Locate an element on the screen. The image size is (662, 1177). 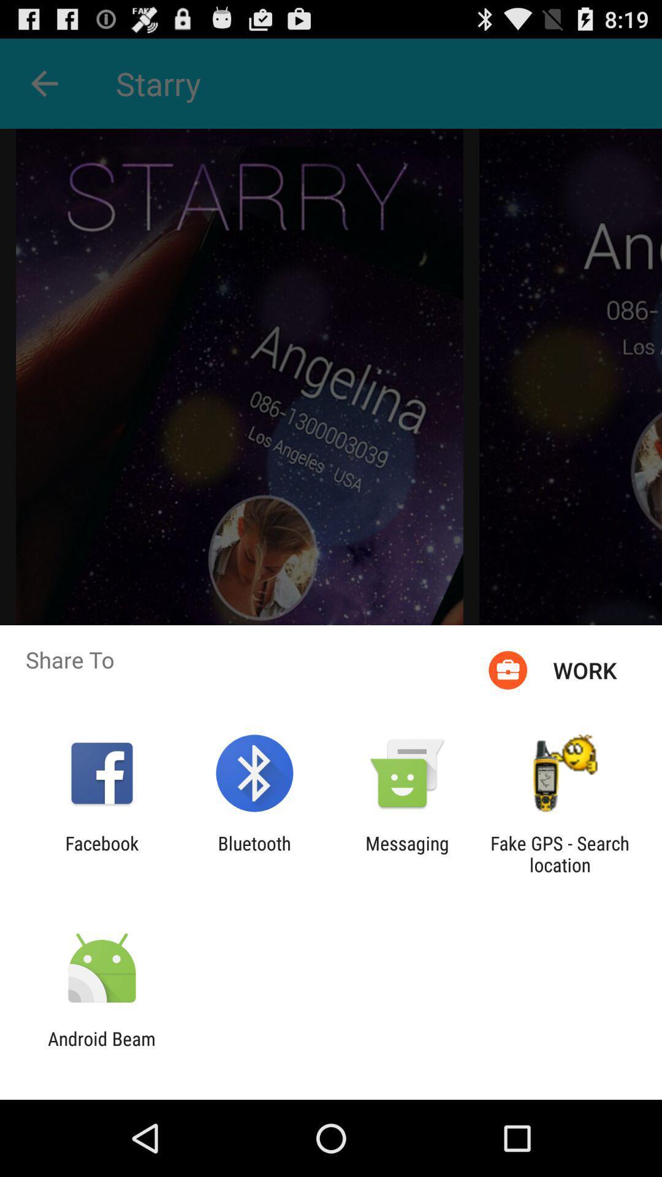
the item next to the bluetooth icon is located at coordinates (407, 853).